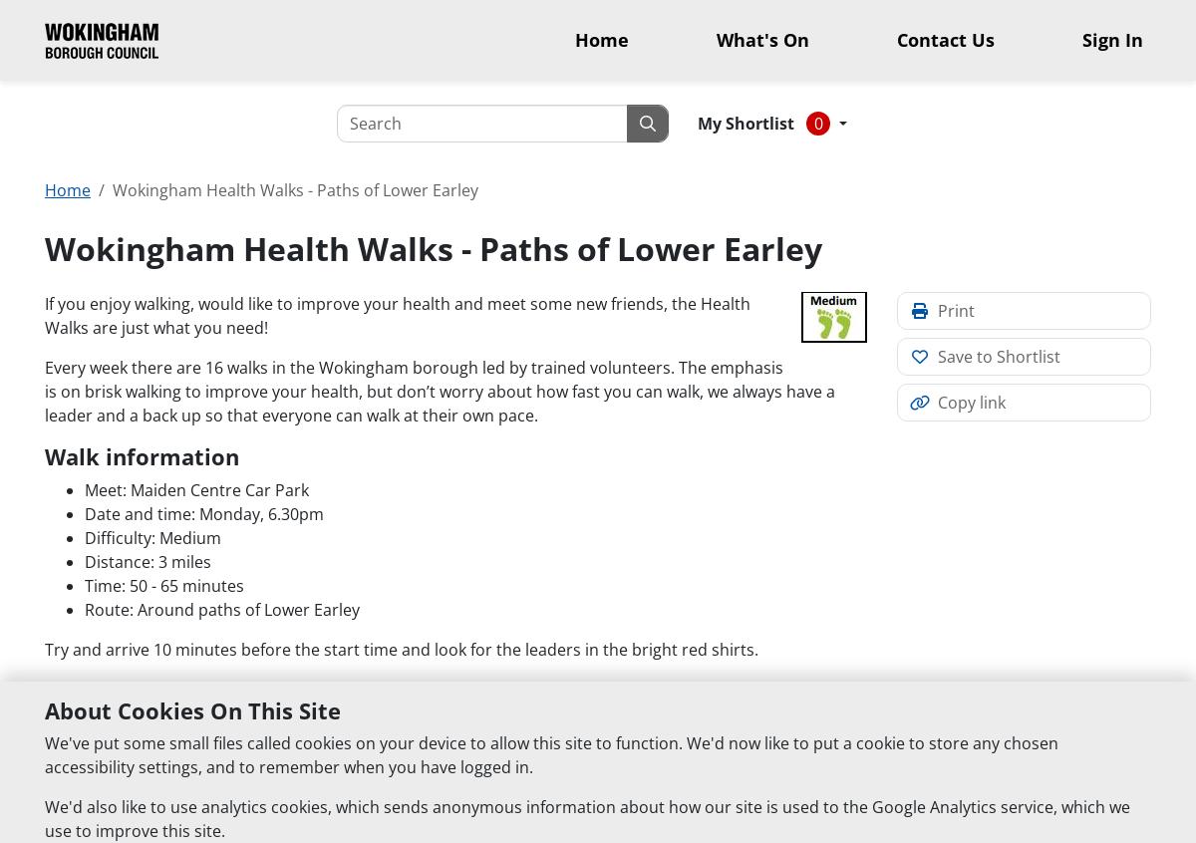 The image size is (1196, 843). What do you see at coordinates (938, 310) in the screenshot?
I see `'Print'` at bounding box center [938, 310].